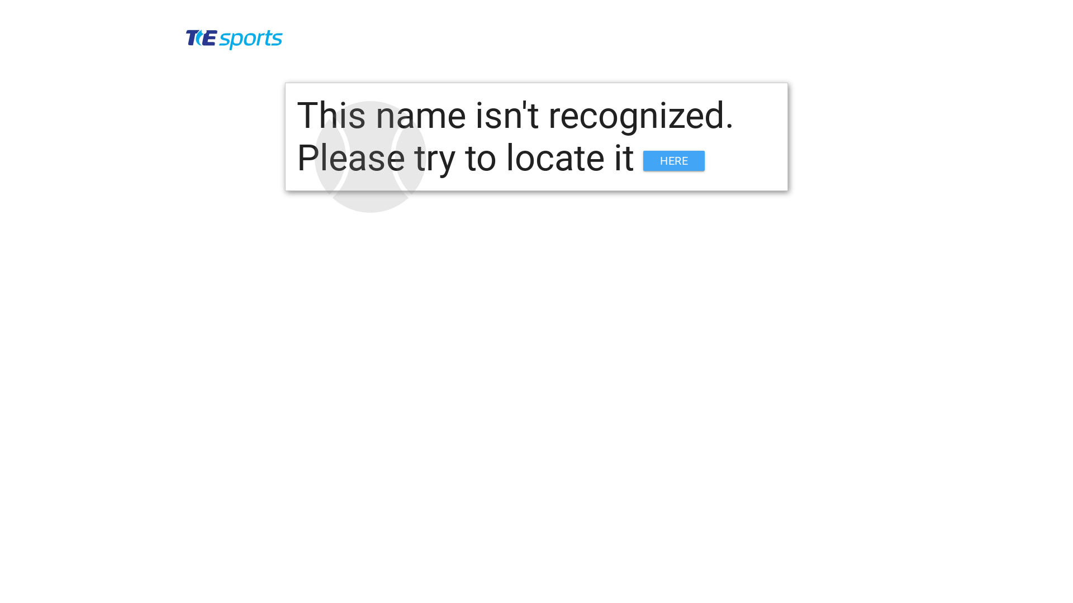  I want to click on 'HERE', so click(643, 161).